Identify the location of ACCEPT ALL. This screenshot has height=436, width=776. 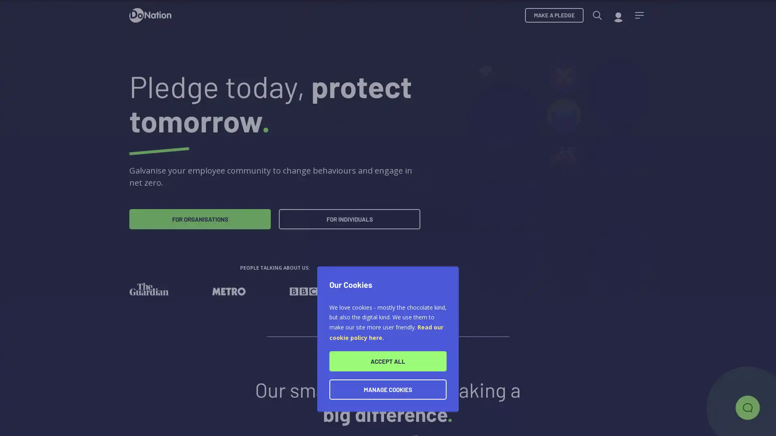
(388, 361).